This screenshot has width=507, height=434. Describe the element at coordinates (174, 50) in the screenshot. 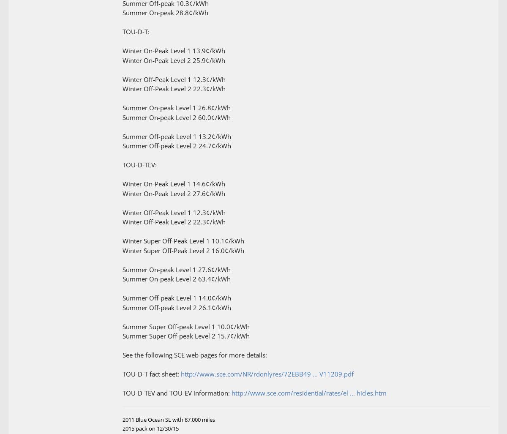

I see `'Winter On-Peak Level 1 13.9¢/kWh'` at that location.